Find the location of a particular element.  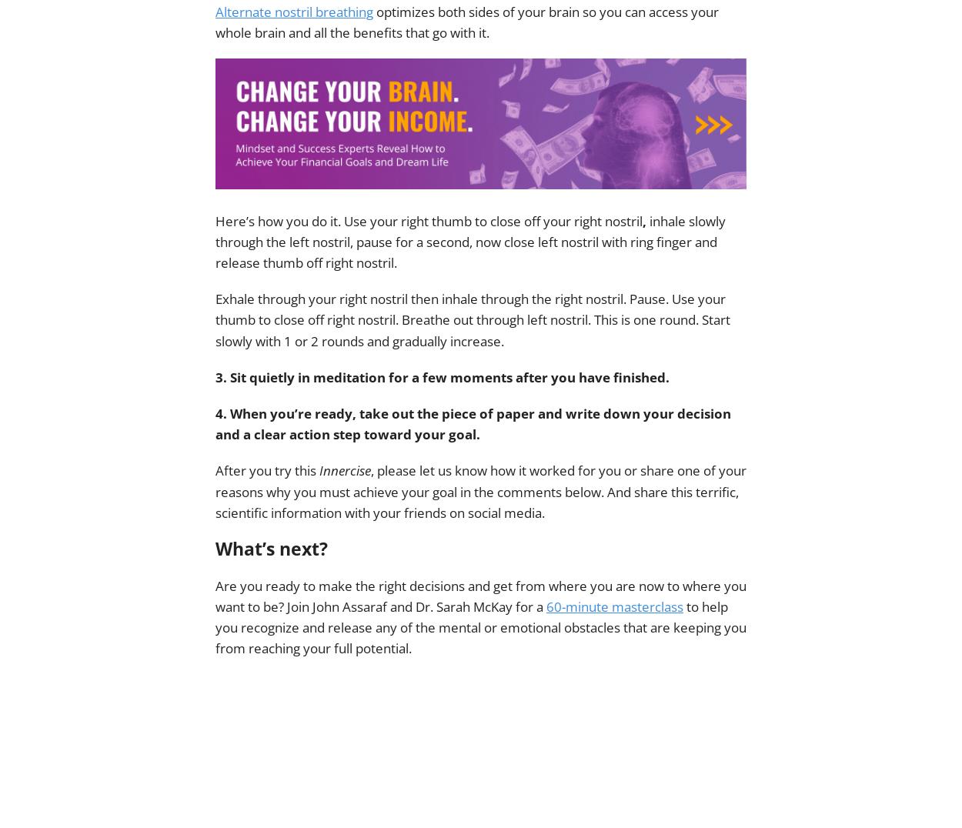

'Innercise' is located at coordinates (344, 470).